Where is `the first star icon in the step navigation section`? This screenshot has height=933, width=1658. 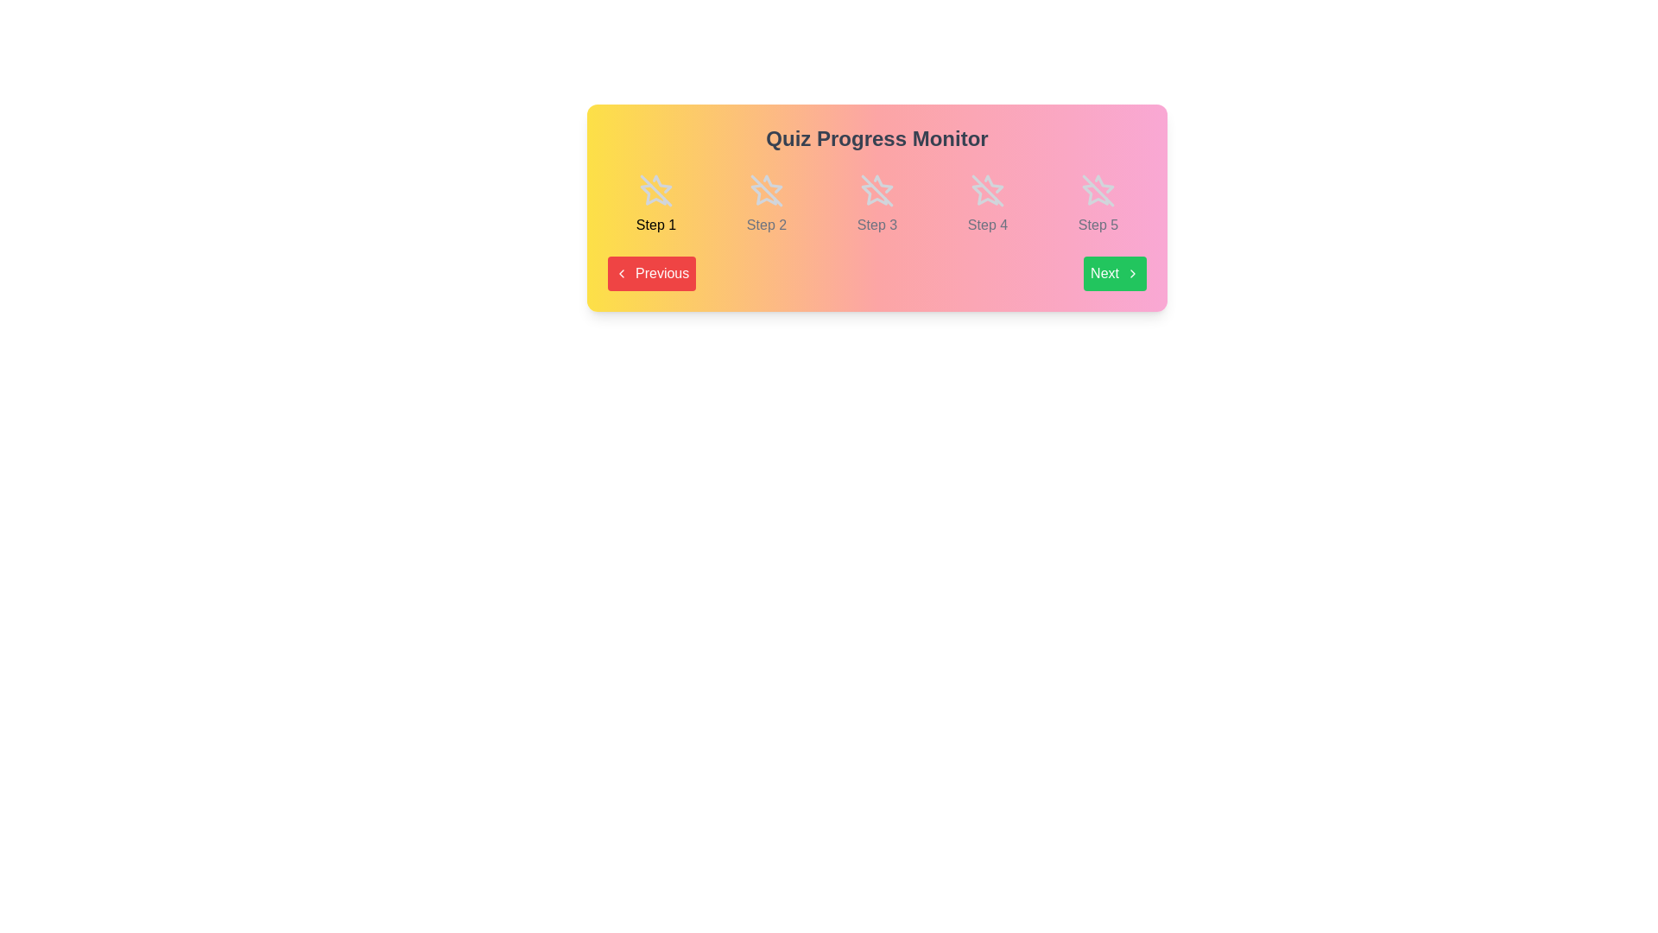
the first star icon in the step navigation section is located at coordinates (655, 190).